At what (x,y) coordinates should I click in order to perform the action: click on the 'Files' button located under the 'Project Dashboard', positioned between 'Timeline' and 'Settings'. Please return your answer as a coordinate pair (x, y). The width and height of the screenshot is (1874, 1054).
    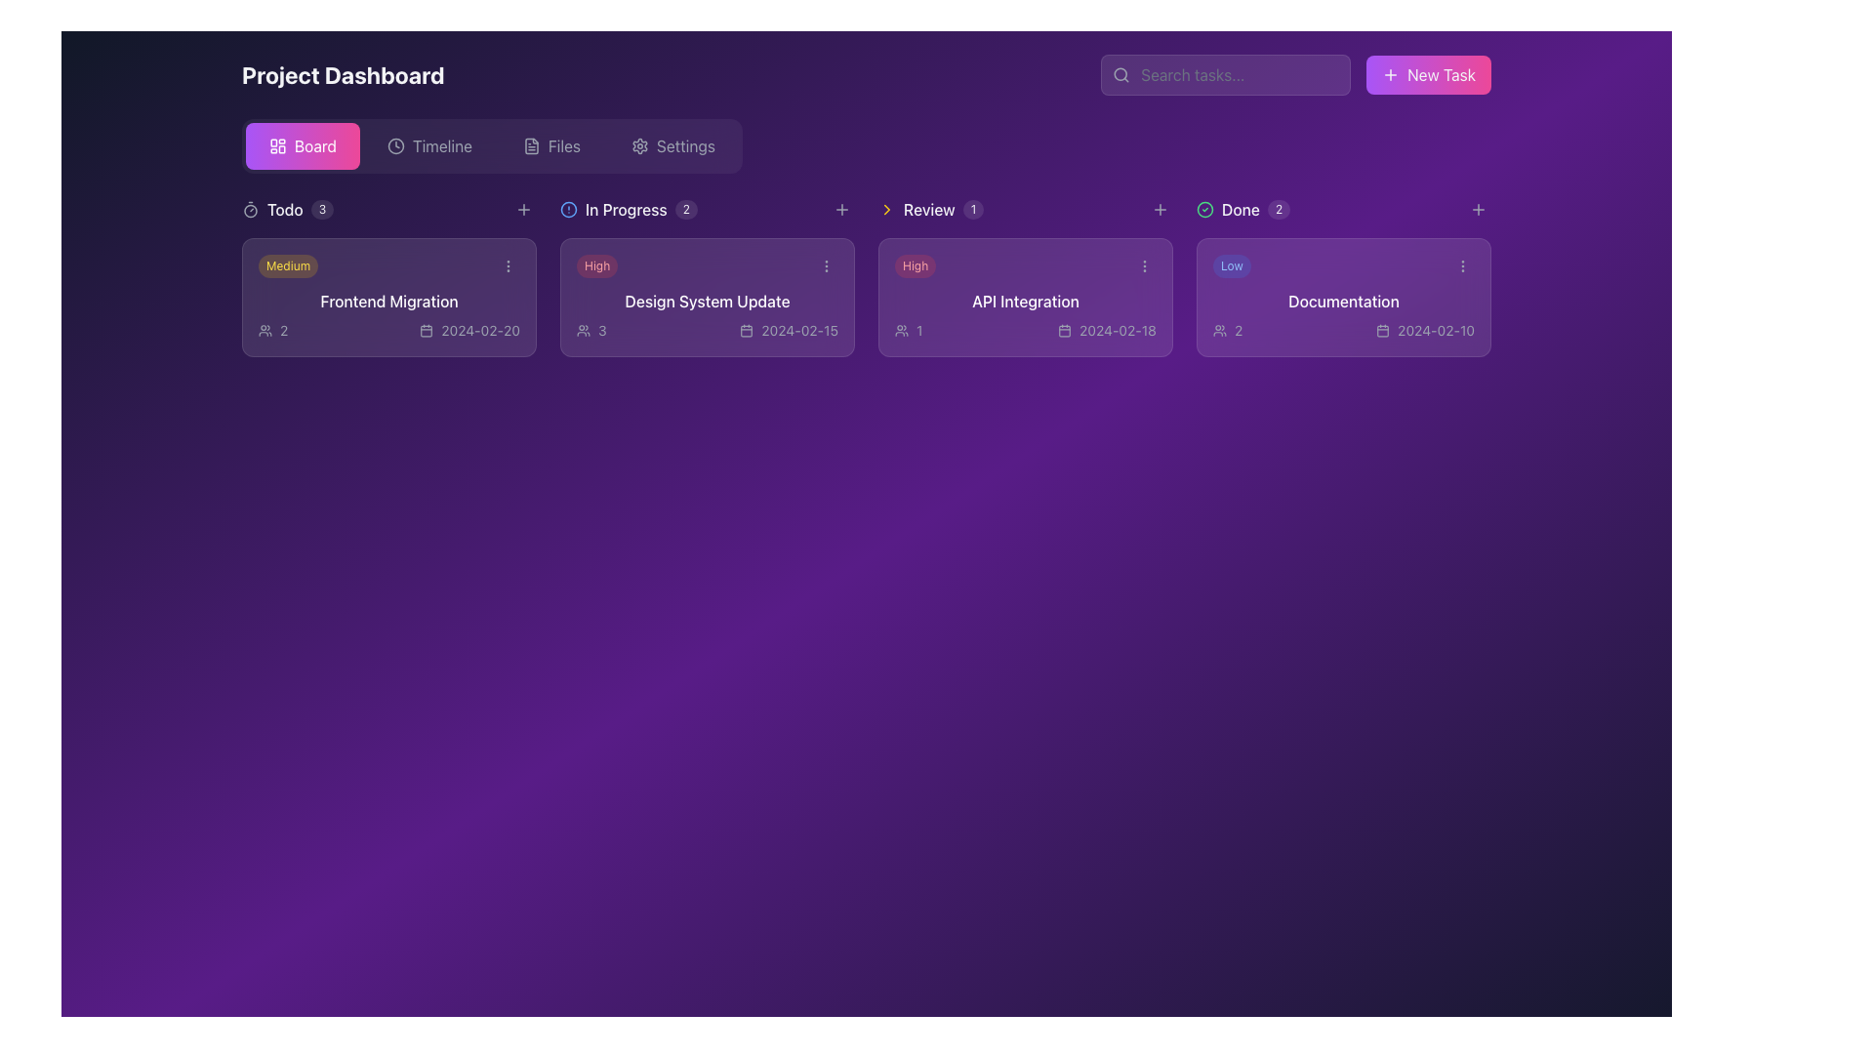
    Looking at the image, I should click on (550, 145).